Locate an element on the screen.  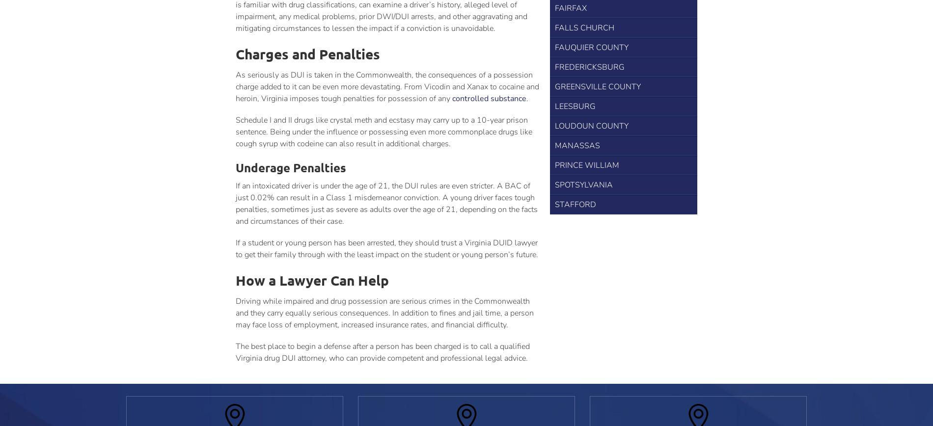
'controlled substance' is located at coordinates (489, 99).